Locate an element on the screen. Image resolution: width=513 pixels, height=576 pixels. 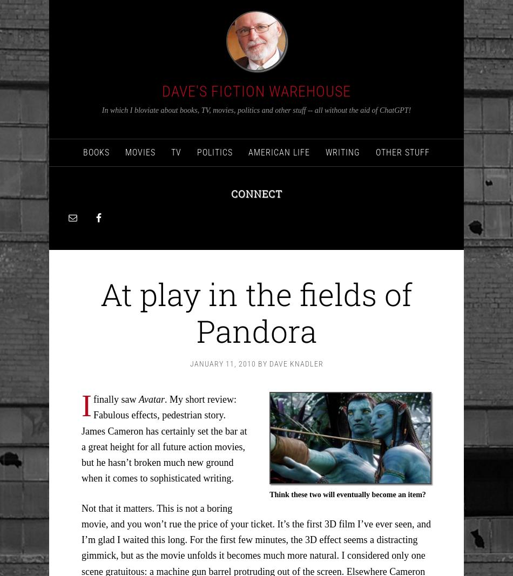
'Books' is located at coordinates (96, 152).